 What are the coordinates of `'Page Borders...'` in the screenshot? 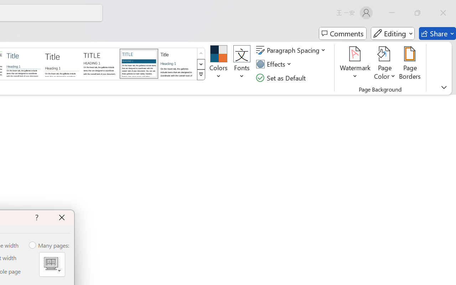 It's located at (410, 64).